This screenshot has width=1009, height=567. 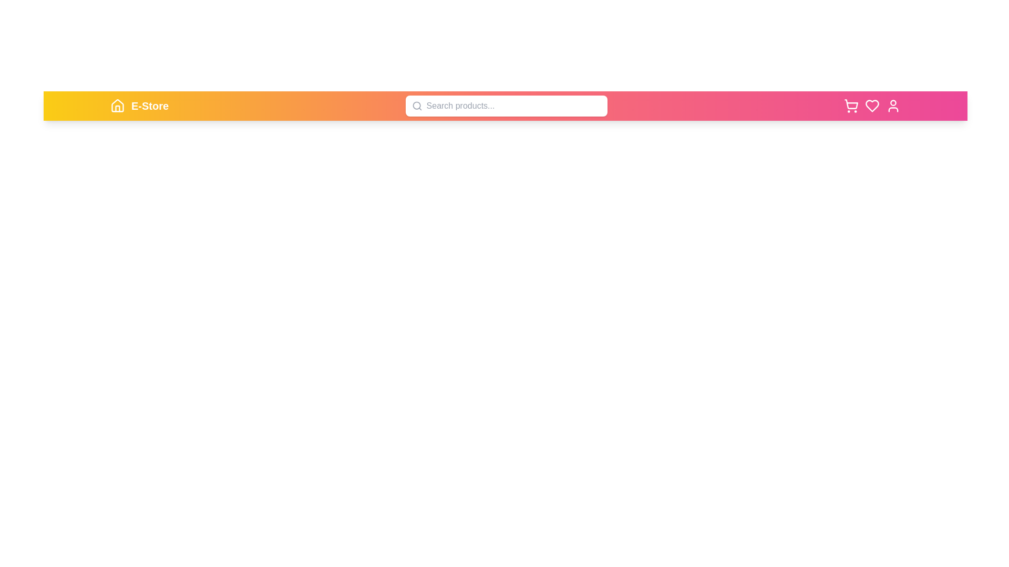 I want to click on the heart icon to trigger its hover effect, so click(x=872, y=106).